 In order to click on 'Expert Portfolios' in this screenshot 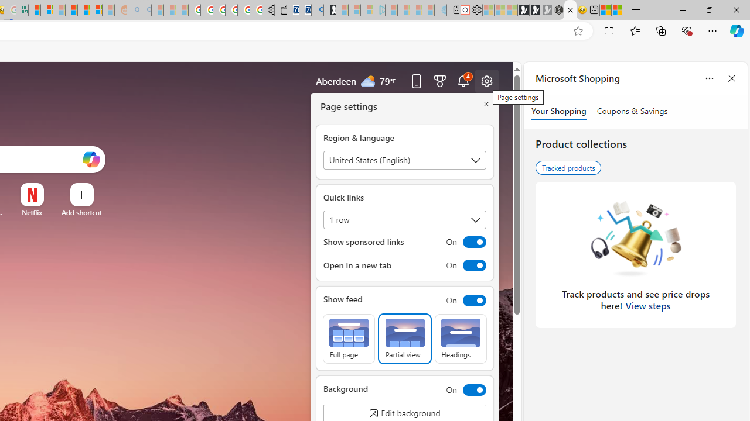, I will do `click(70, 10)`.